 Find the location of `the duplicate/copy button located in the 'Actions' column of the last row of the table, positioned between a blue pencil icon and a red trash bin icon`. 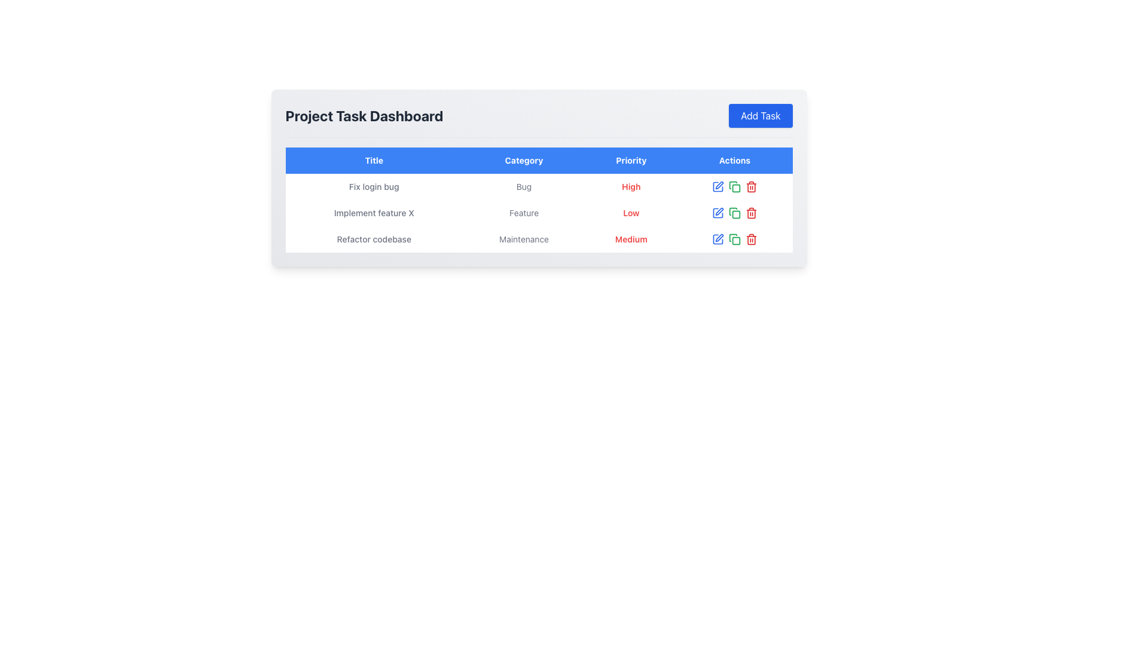

the duplicate/copy button located in the 'Actions' column of the last row of the table, positioned between a blue pencil icon and a red trash bin icon is located at coordinates (734, 239).